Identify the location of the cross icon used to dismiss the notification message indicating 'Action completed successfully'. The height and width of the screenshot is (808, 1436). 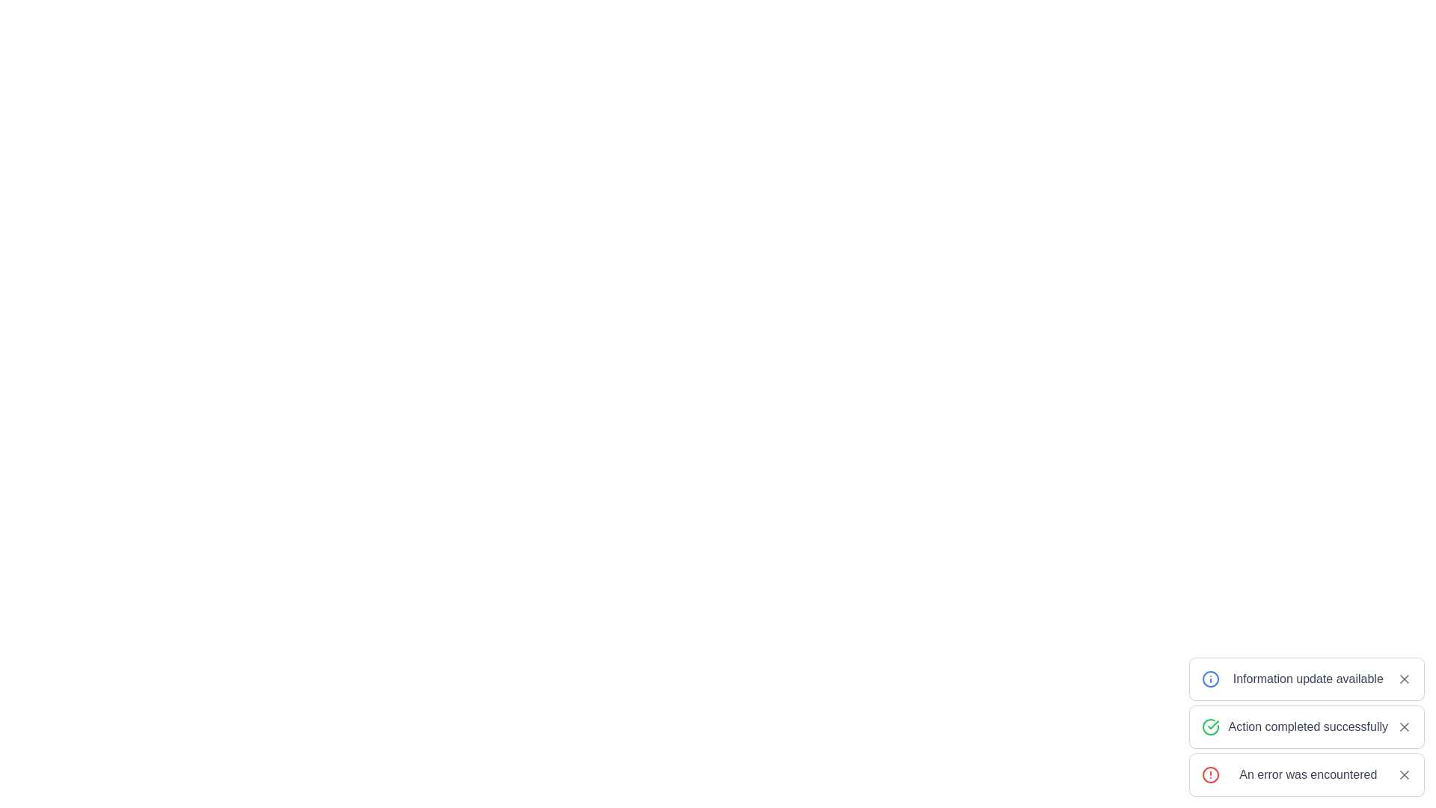
(1403, 726).